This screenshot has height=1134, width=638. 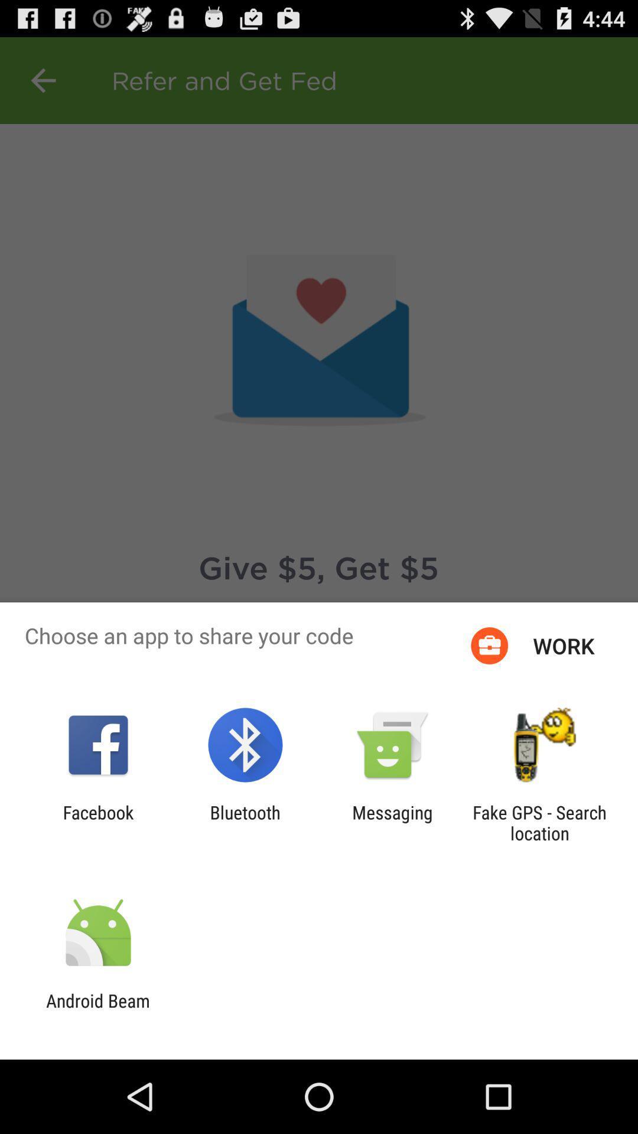 What do you see at coordinates (245, 822) in the screenshot?
I see `bluetooth icon` at bounding box center [245, 822].